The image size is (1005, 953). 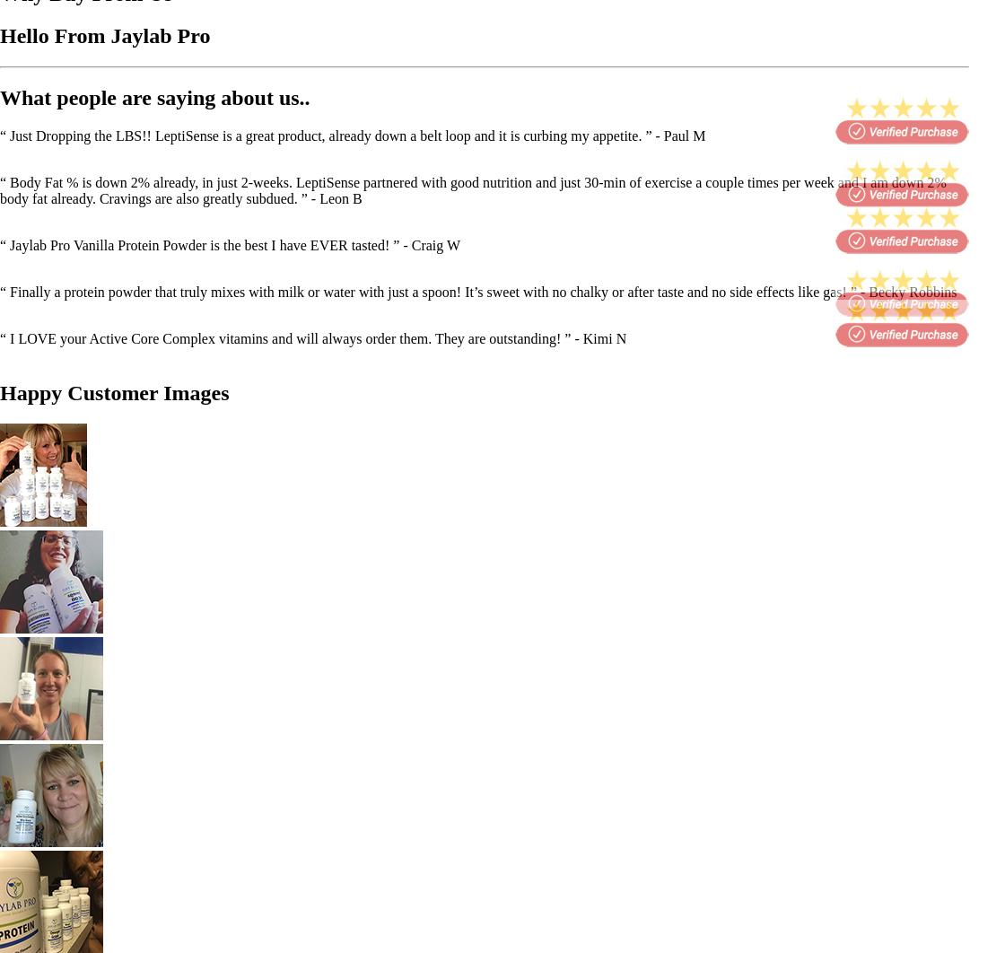 I want to click on '- Craig W', so click(x=431, y=243).